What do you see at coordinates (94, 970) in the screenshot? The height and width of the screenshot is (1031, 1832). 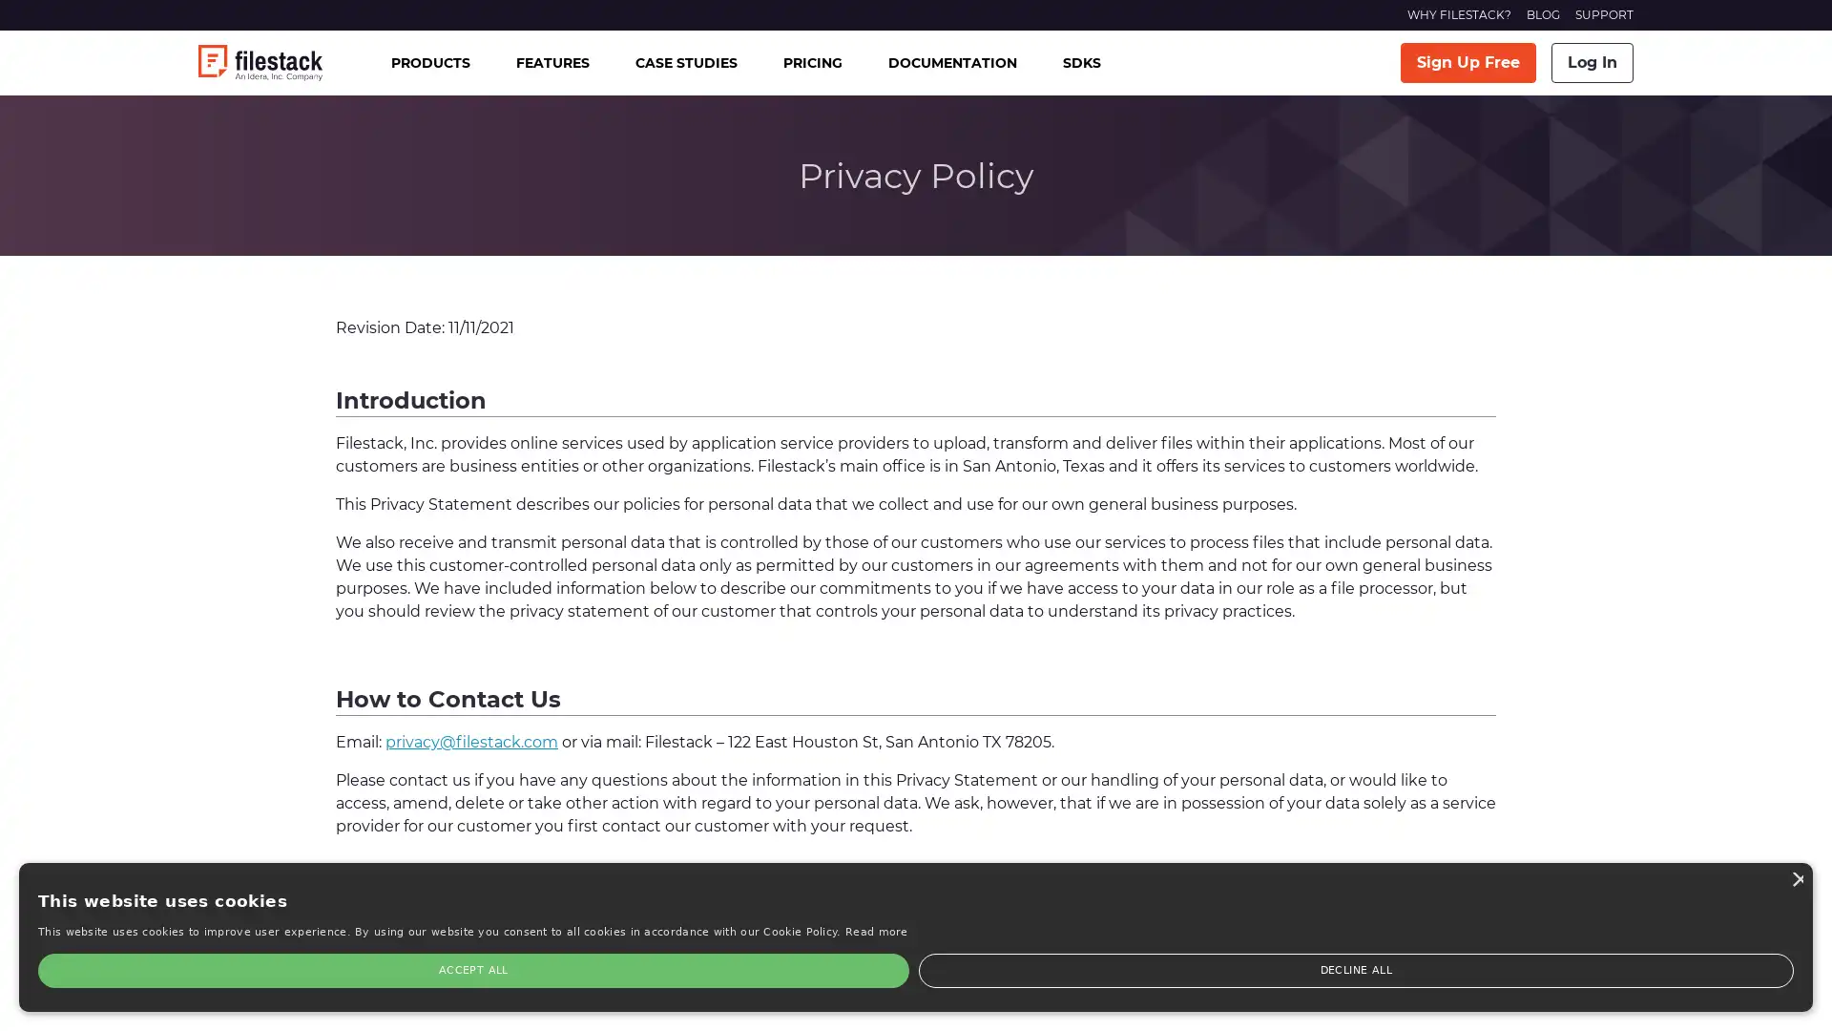 I see `ACCEPT ALL` at bounding box center [94, 970].